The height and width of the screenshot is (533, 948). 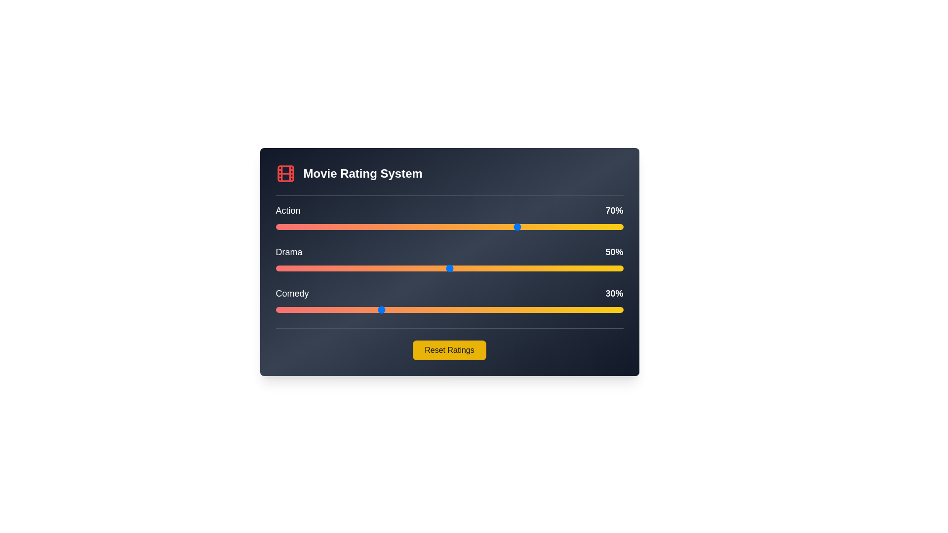 I want to click on the Drama genre rating to 46% by adjusting the slider, so click(x=435, y=268).